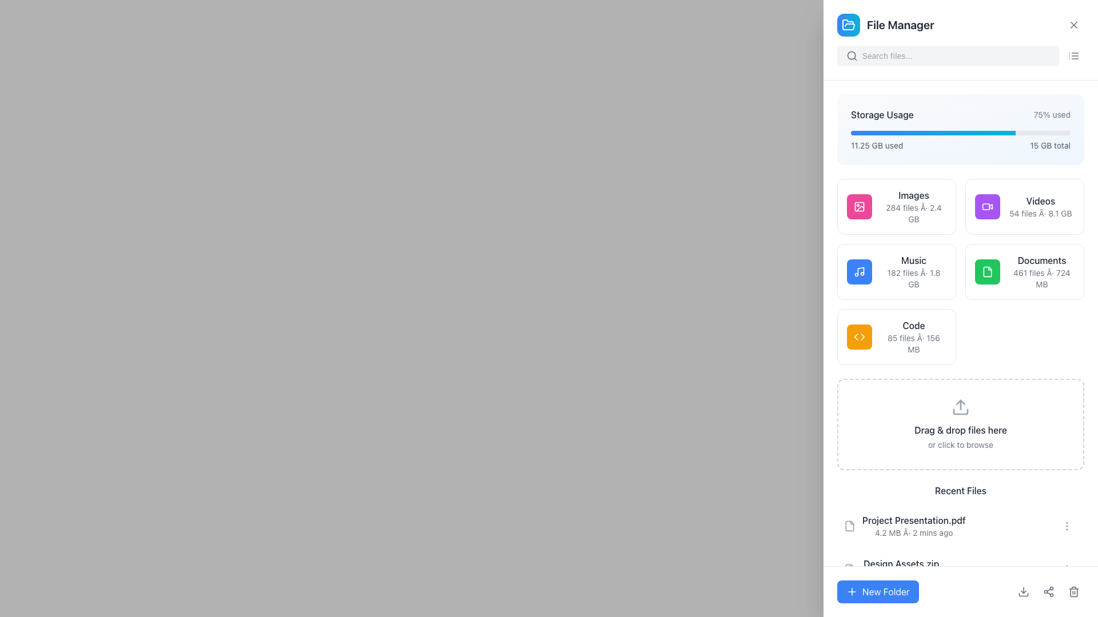  What do you see at coordinates (961, 569) in the screenshot?
I see `the second file entry in the 'Recent Files' section of the file manager interface` at bounding box center [961, 569].